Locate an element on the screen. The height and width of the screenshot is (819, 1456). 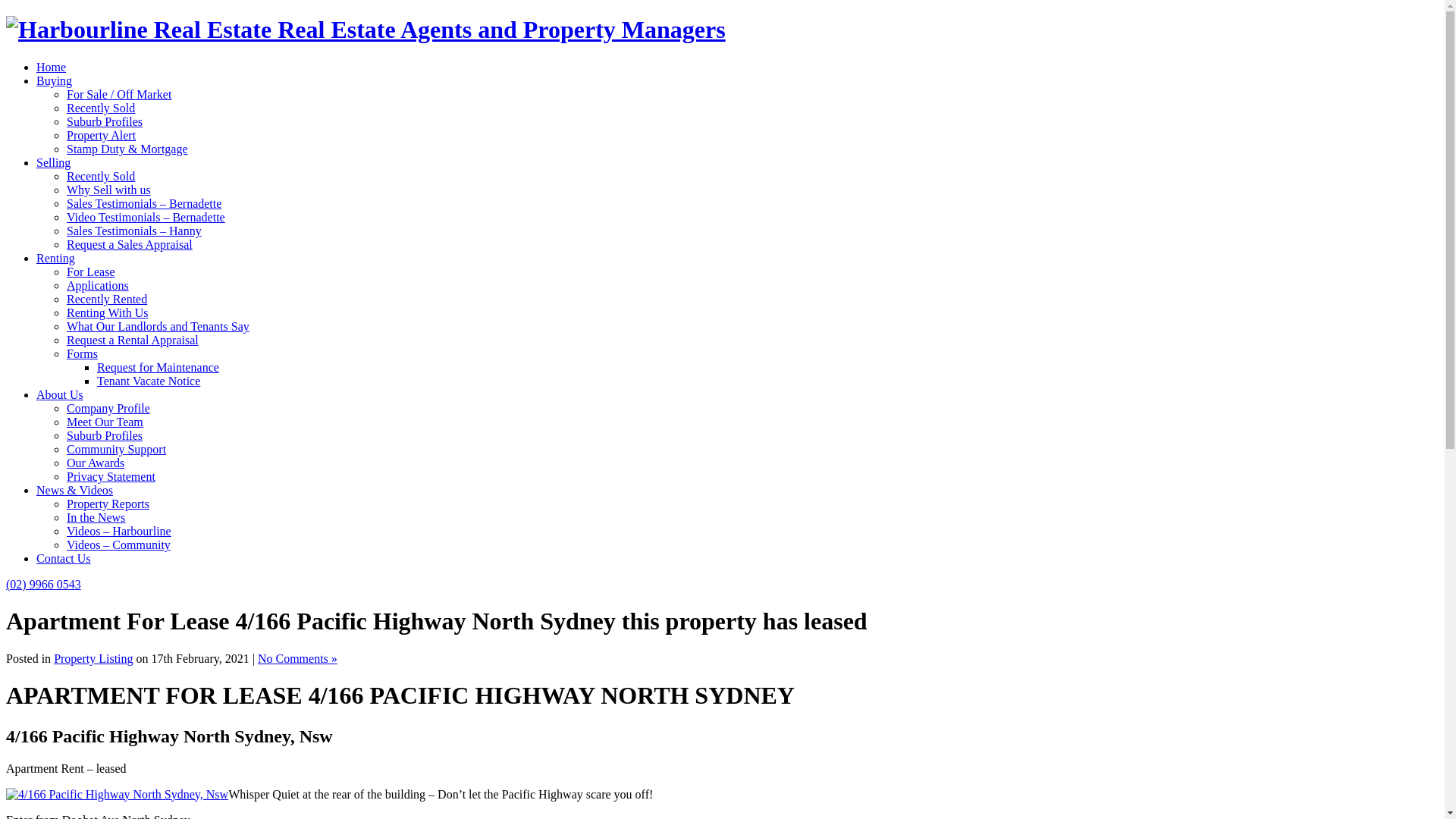
'What Our Landlords and Tenants Say' is located at coordinates (158, 325).